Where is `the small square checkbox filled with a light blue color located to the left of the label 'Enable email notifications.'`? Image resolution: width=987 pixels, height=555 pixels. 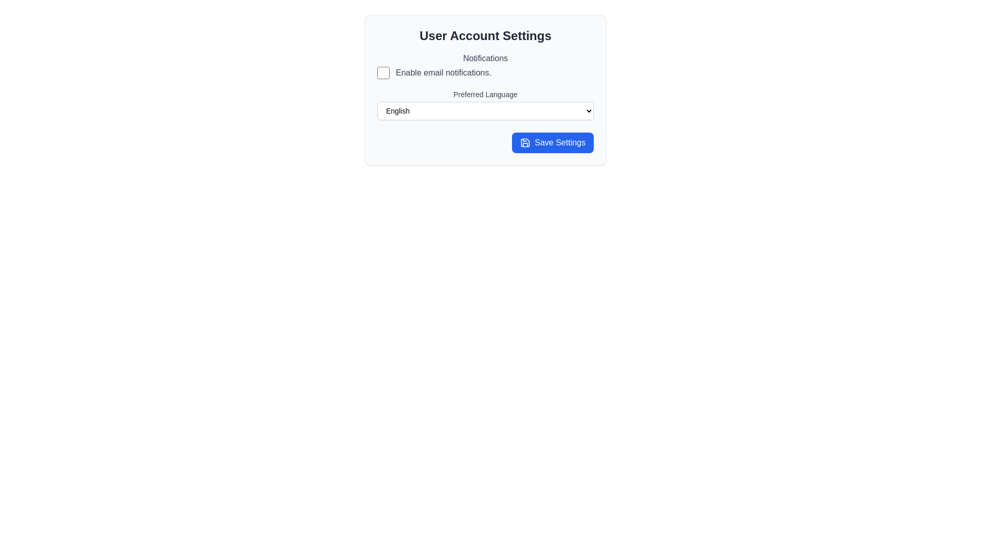 the small square checkbox filled with a light blue color located to the left of the label 'Enable email notifications.' is located at coordinates (382, 72).